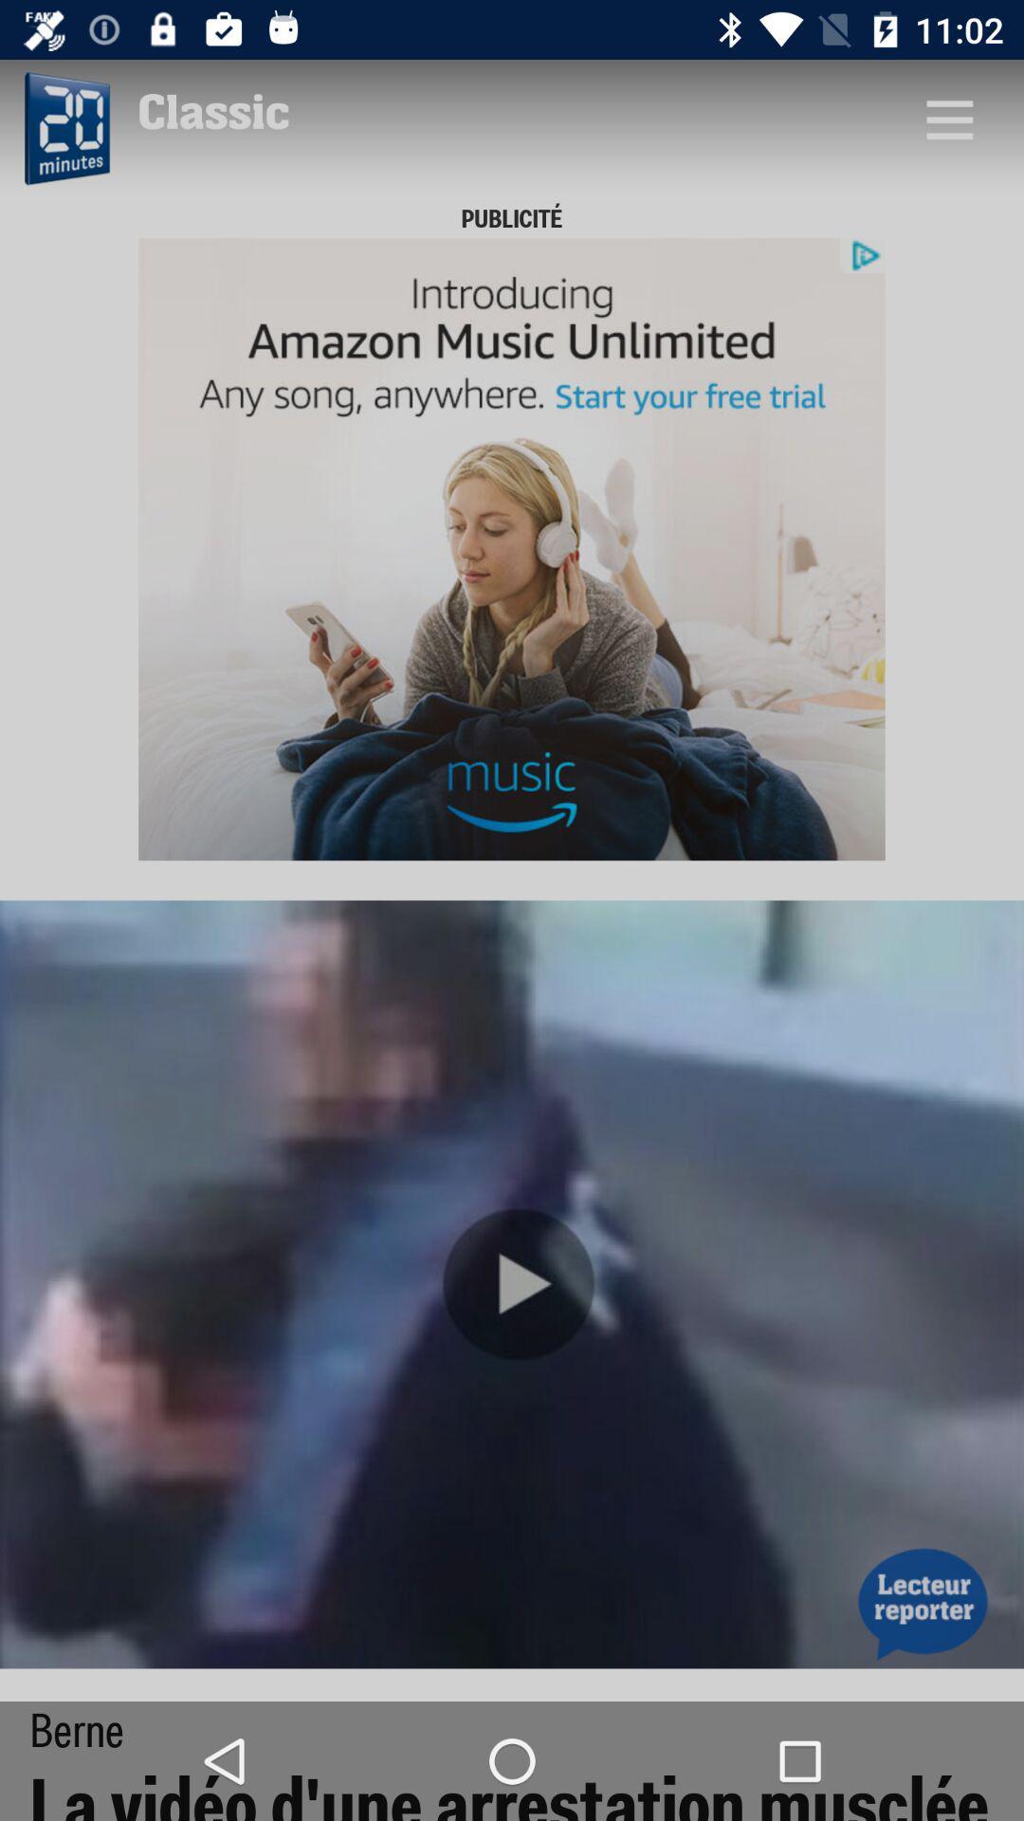  Describe the element at coordinates (949, 118) in the screenshot. I see `more option` at that location.